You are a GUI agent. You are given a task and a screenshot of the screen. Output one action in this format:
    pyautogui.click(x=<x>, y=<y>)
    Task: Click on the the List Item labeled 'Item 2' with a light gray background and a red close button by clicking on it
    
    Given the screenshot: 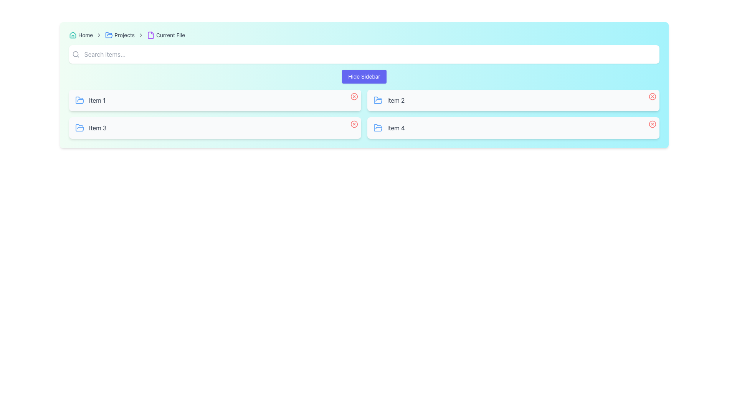 What is the action you would take?
    pyautogui.click(x=513, y=100)
    